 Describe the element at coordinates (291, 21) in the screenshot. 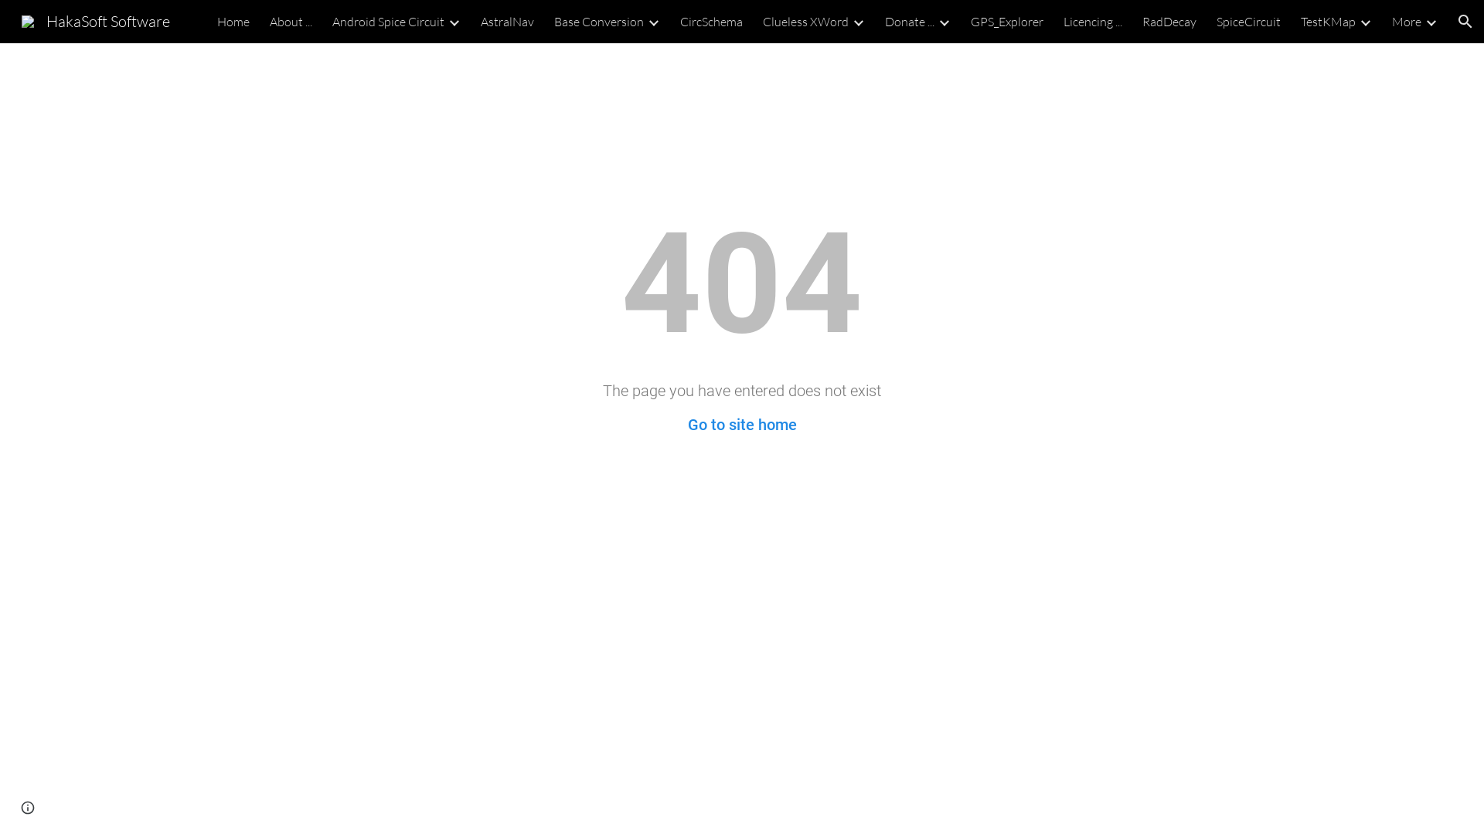

I see `'About ...'` at that location.